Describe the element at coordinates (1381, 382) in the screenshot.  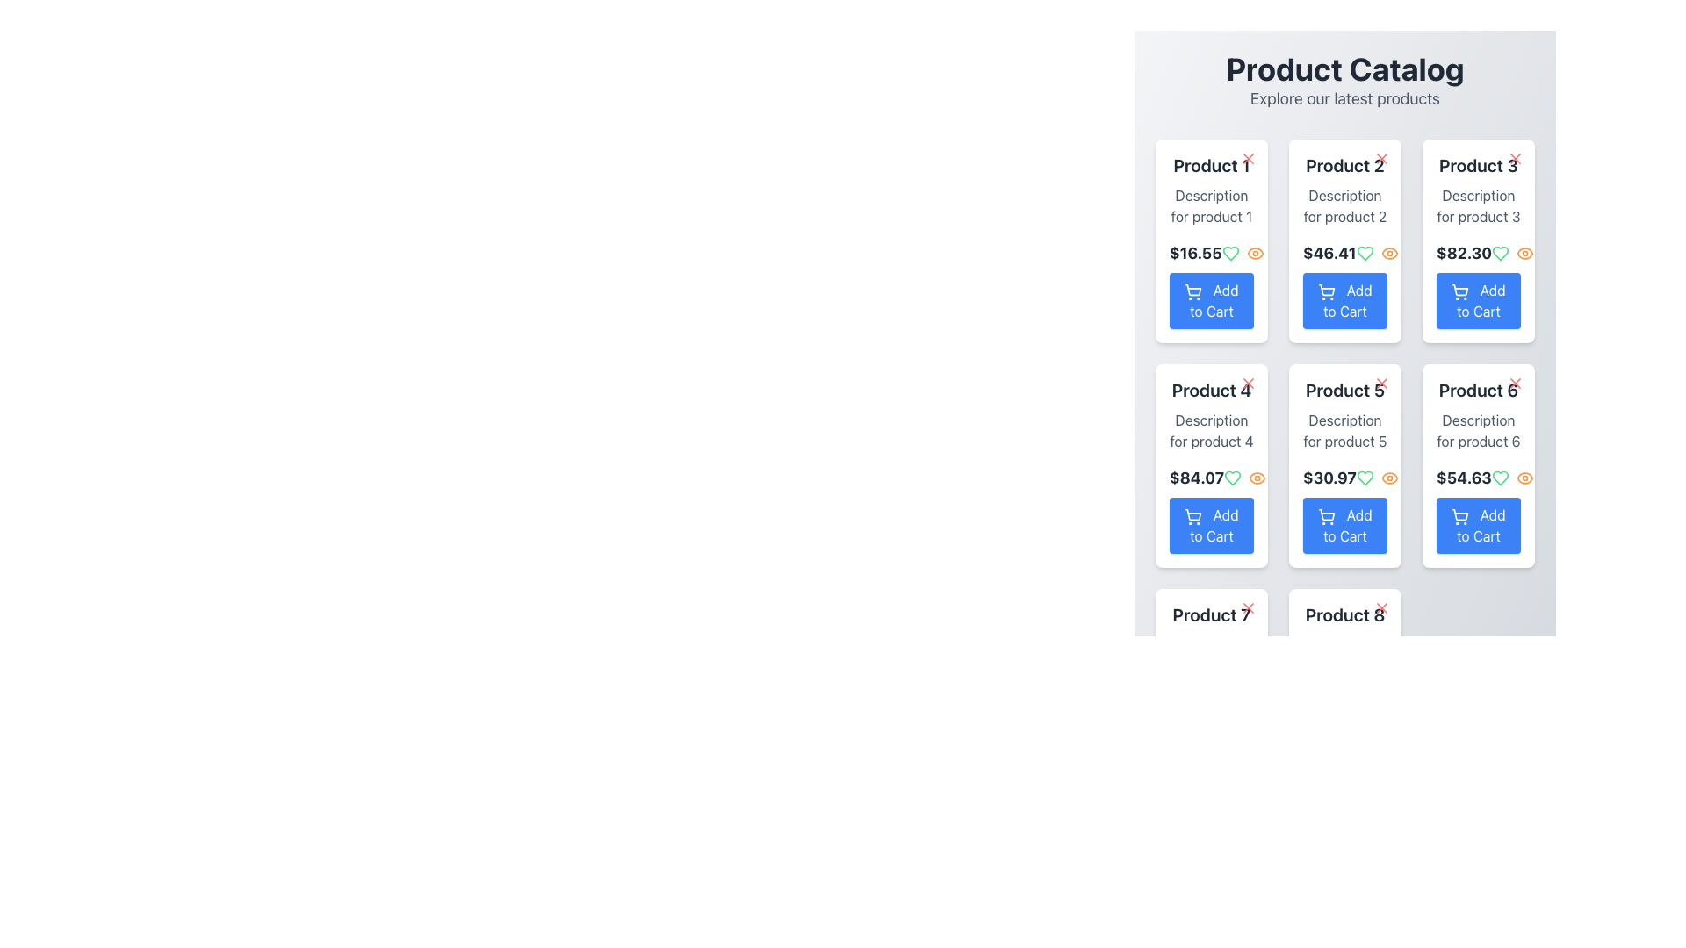
I see `the interactive button icon located at the top-right corner of the 'Product 5' card` at that location.